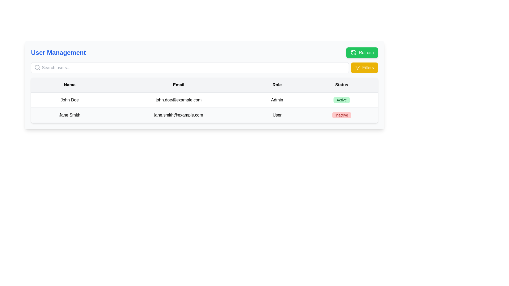  What do you see at coordinates (341, 115) in the screenshot?
I see `the Status label displaying 'Inactive' for user Jane Smith, located in the second row of the Status column in the table` at bounding box center [341, 115].